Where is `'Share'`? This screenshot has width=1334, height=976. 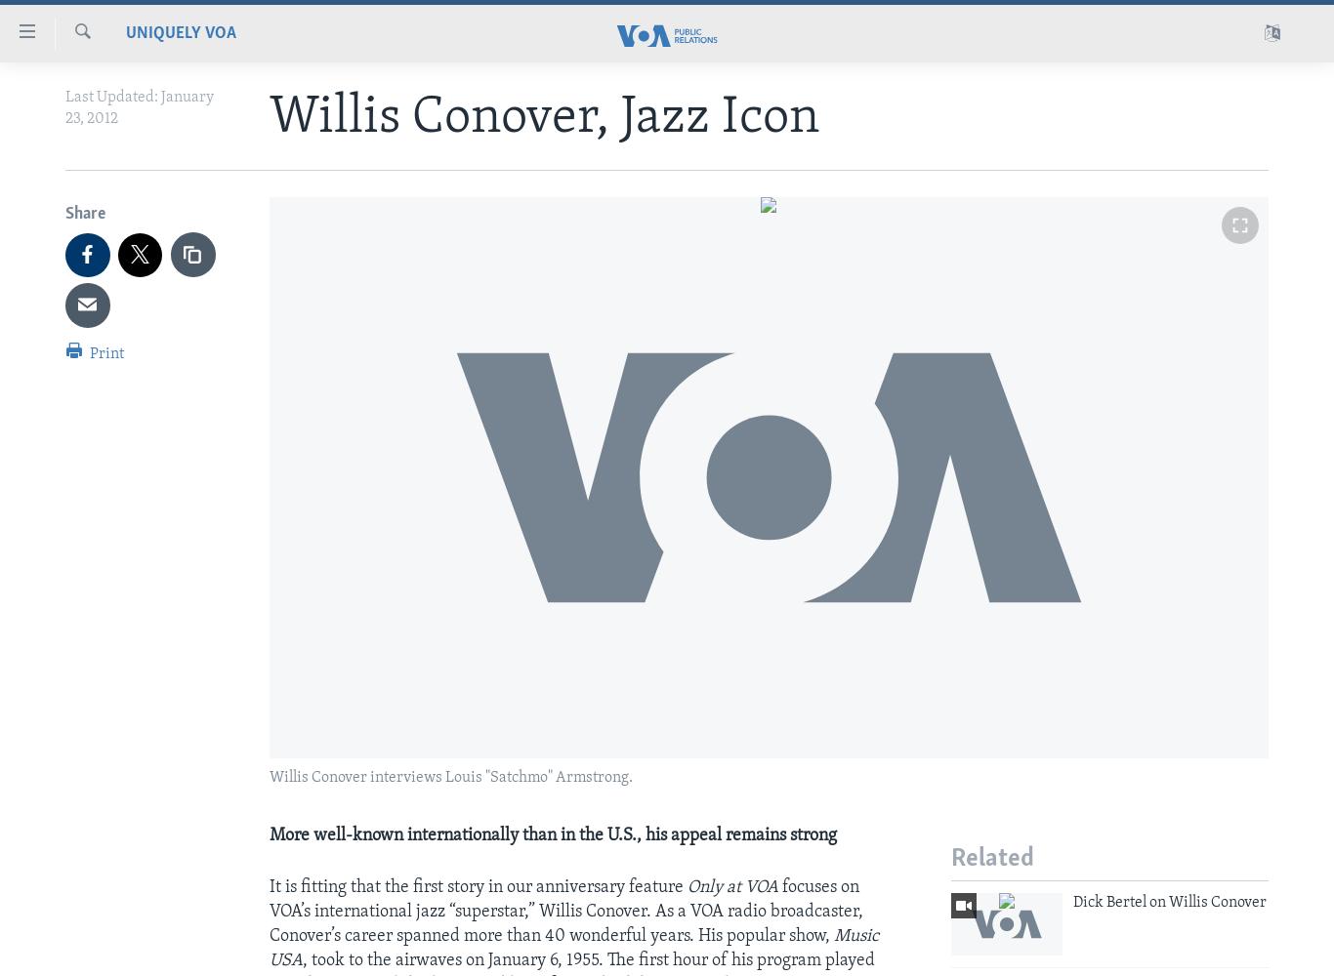 'Share' is located at coordinates (64, 213).